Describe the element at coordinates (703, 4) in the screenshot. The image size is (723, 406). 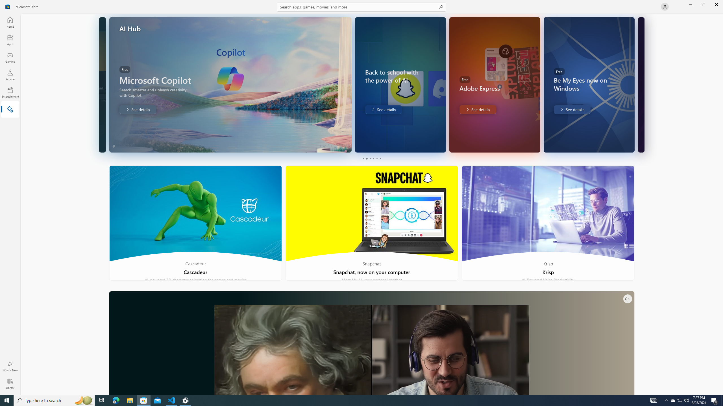
I see `'Restore Microsoft Store'` at that location.